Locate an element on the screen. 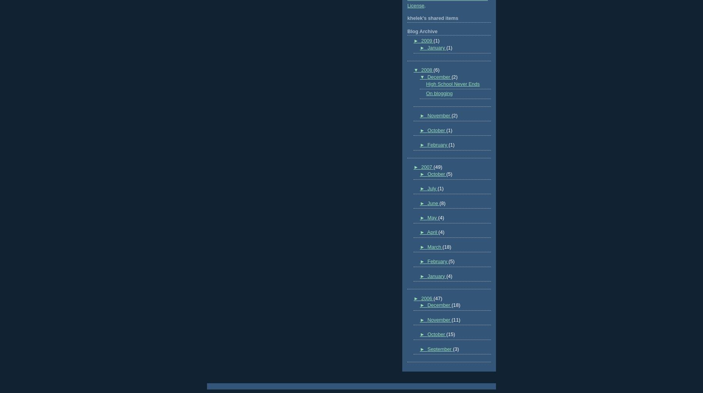 The height and width of the screenshot is (393, 703). 'May' is located at coordinates (432, 218).